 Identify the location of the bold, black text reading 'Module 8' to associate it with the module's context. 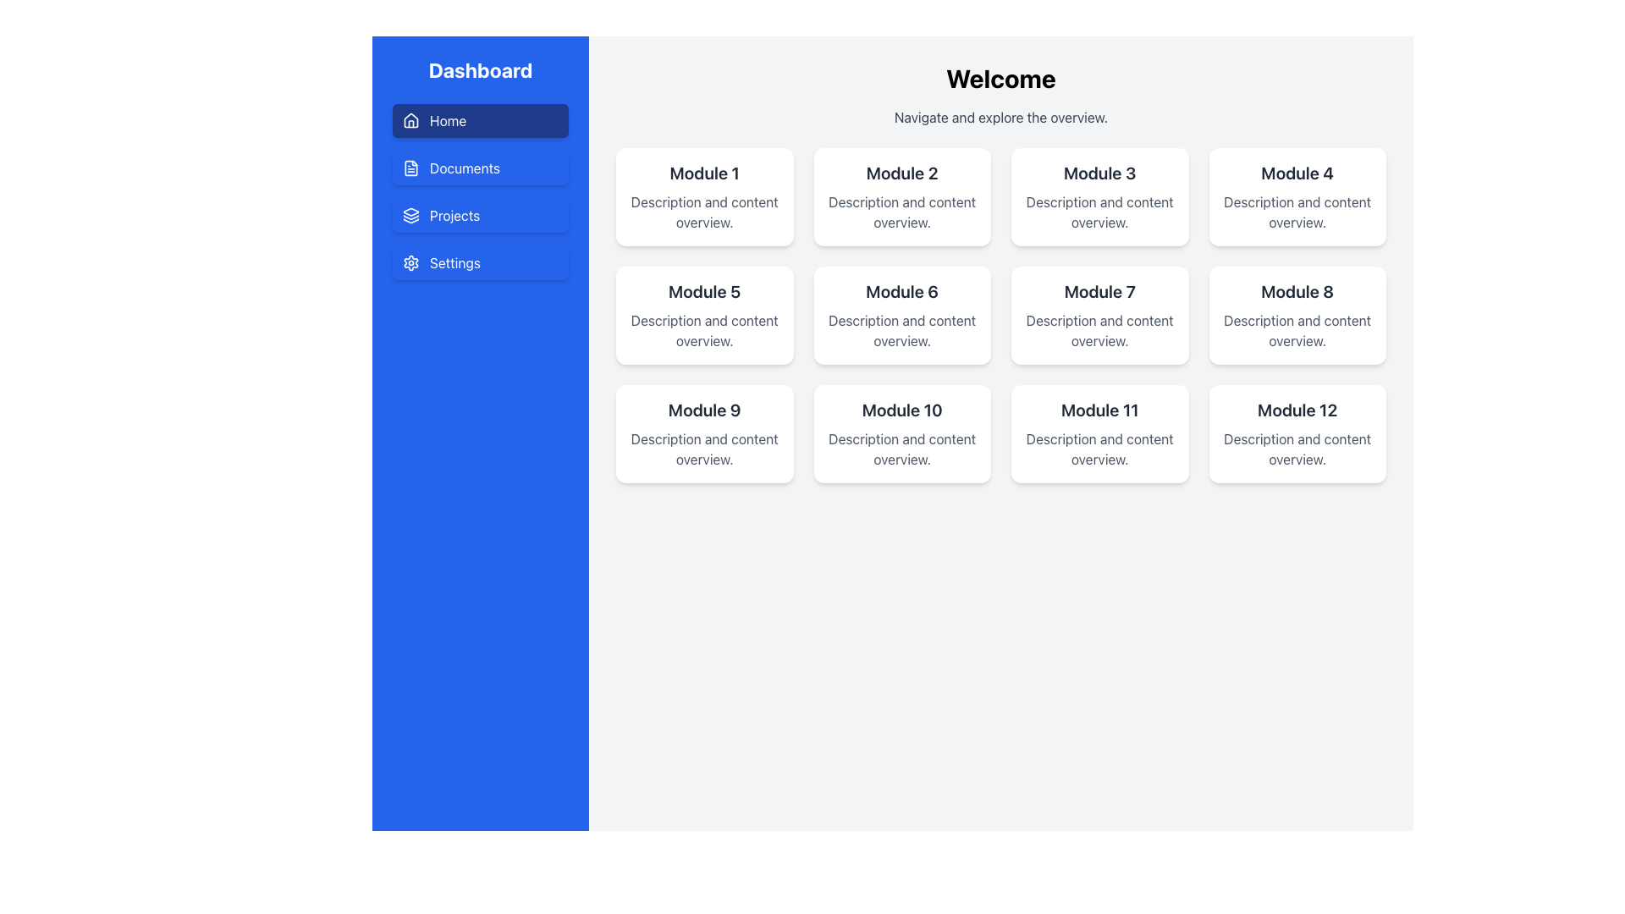
(1297, 290).